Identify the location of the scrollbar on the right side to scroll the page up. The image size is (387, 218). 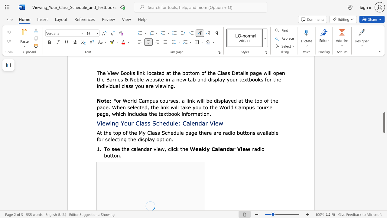
(384, 105).